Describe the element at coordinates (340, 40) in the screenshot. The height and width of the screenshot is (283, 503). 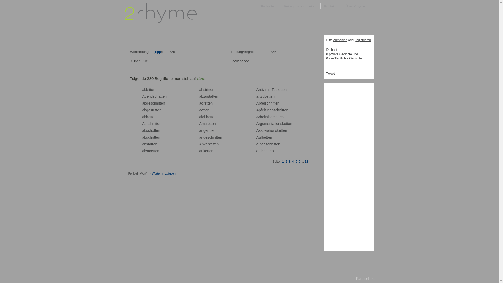
I see `'anmelden'` at that location.